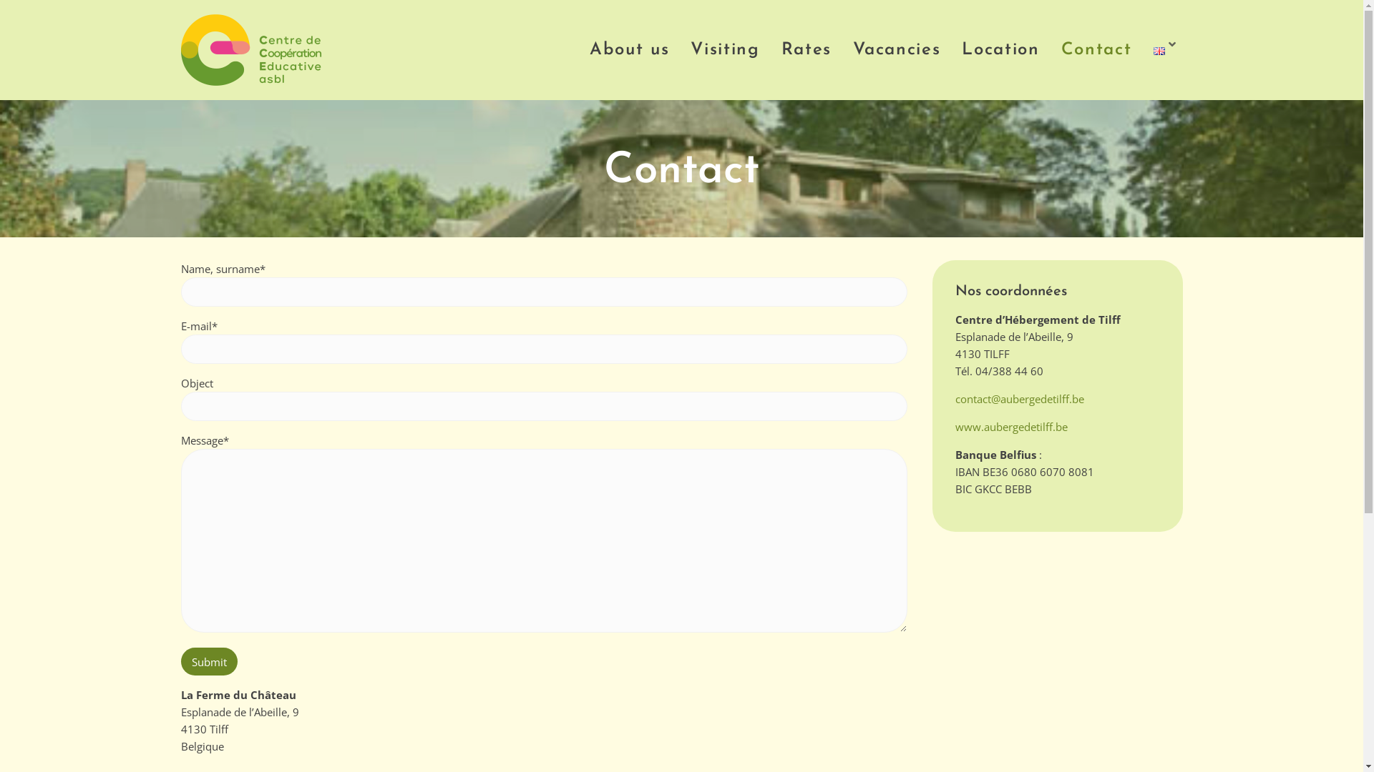  What do you see at coordinates (1096, 49) in the screenshot?
I see `'Contact'` at bounding box center [1096, 49].